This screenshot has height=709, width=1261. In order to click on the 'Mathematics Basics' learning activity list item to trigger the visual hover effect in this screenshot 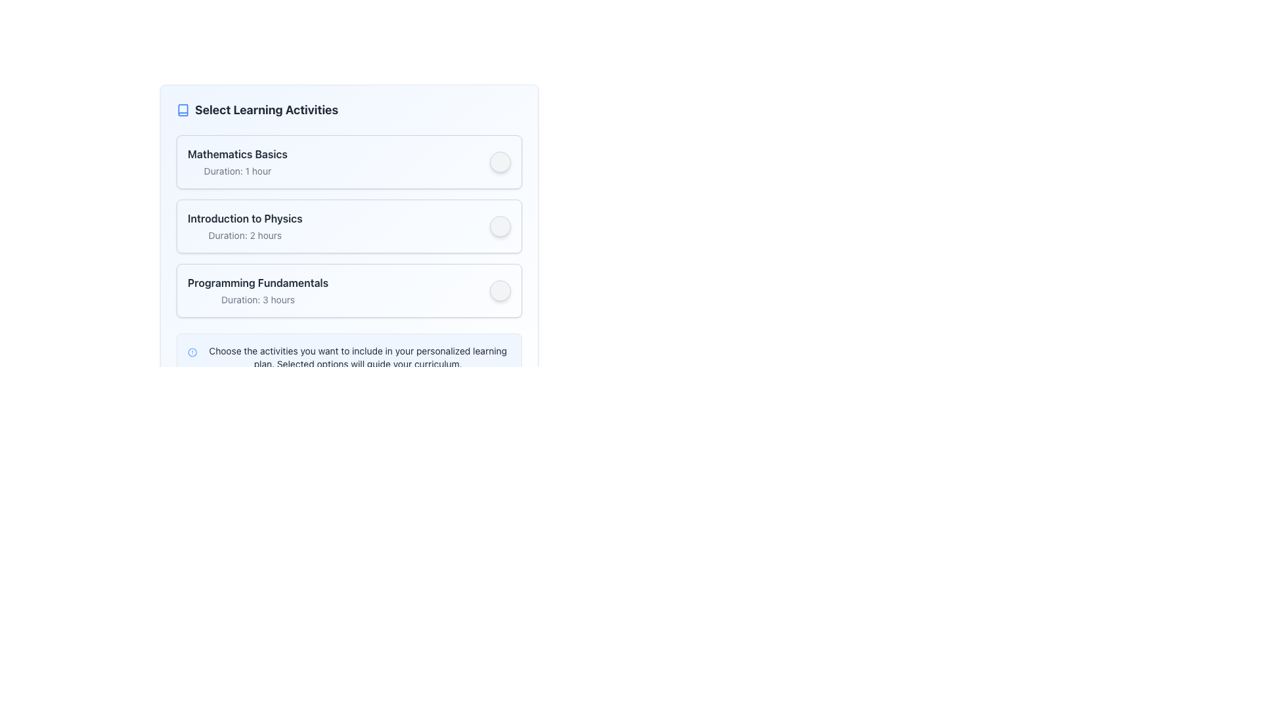, I will do `click(349, 161)`.